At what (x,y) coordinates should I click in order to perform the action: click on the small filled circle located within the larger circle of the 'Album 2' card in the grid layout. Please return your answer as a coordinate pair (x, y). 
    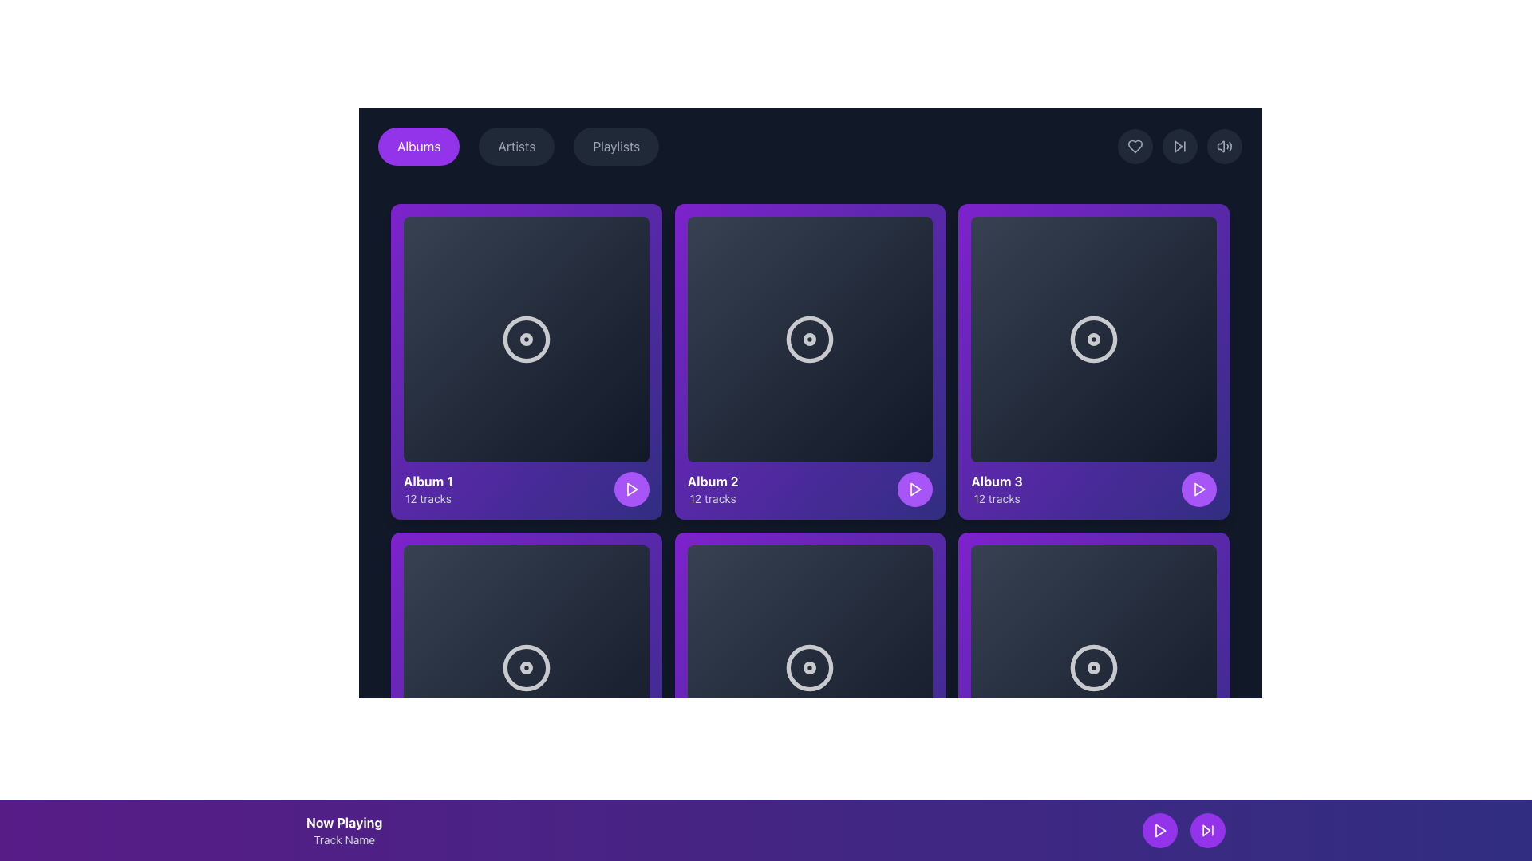
    Looking at the image, I should click on (810, 338).